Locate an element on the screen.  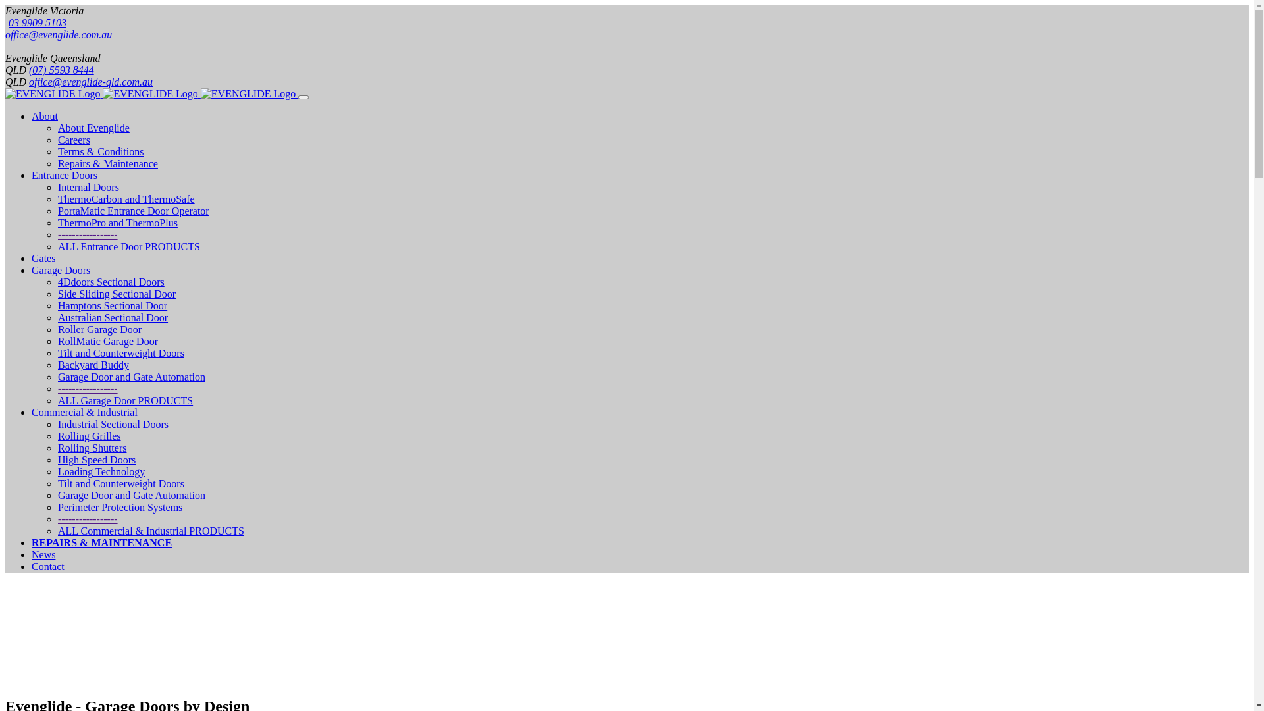
'ALL Entrance Door PRODUCTS' is located at coordinates (129, 246).